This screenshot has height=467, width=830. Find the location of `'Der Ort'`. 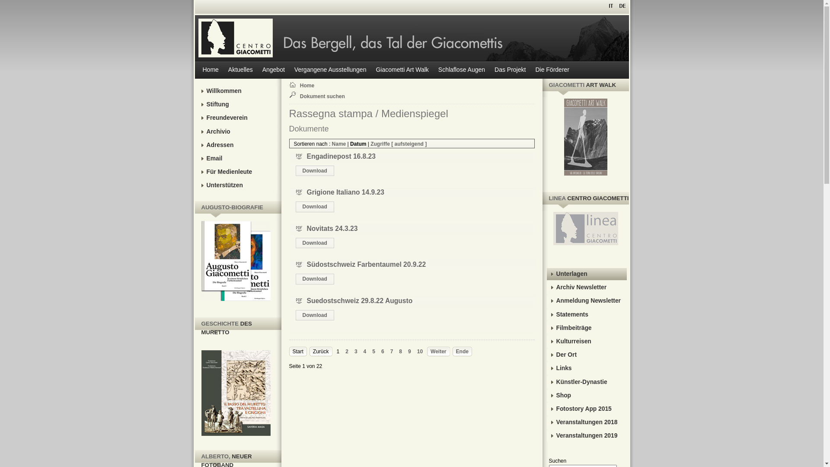

'Der Ort' is located at coordinates (586, 355).